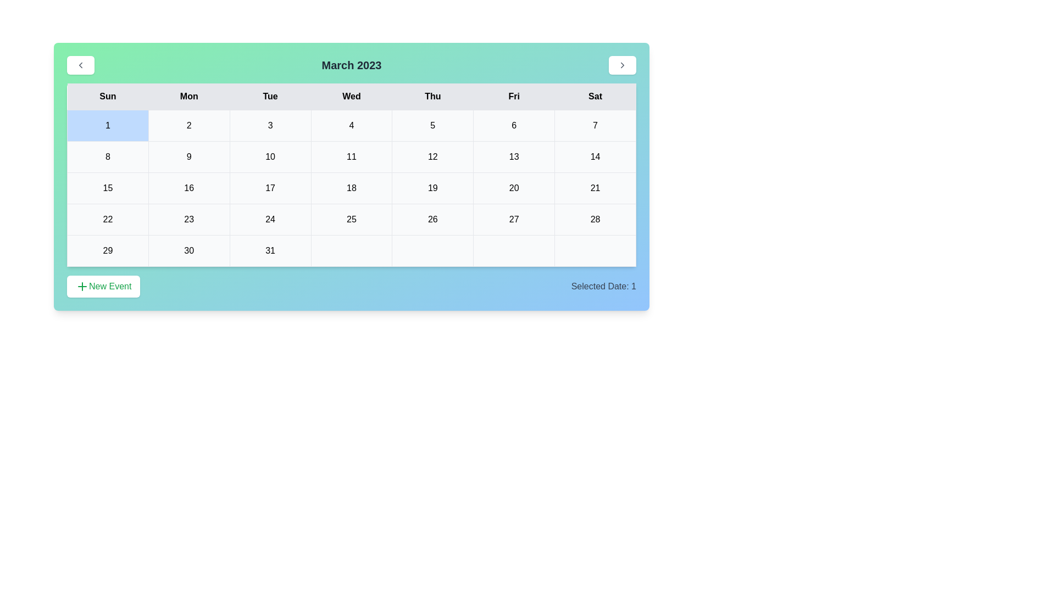 The image size is (1055, 593). What do you see at coordinates (189, 188) in the screenshot?
I see `the cell representing the date 16 in the calendar` at bounding box center [189, 188].